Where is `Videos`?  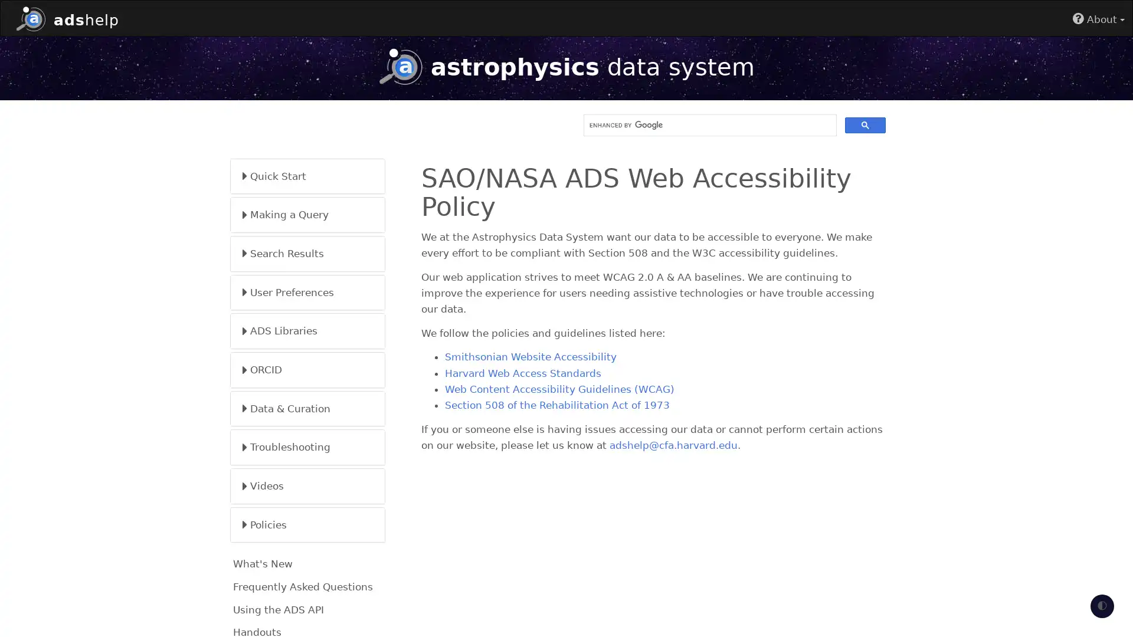
Videos is located at coordinates (307, 486).